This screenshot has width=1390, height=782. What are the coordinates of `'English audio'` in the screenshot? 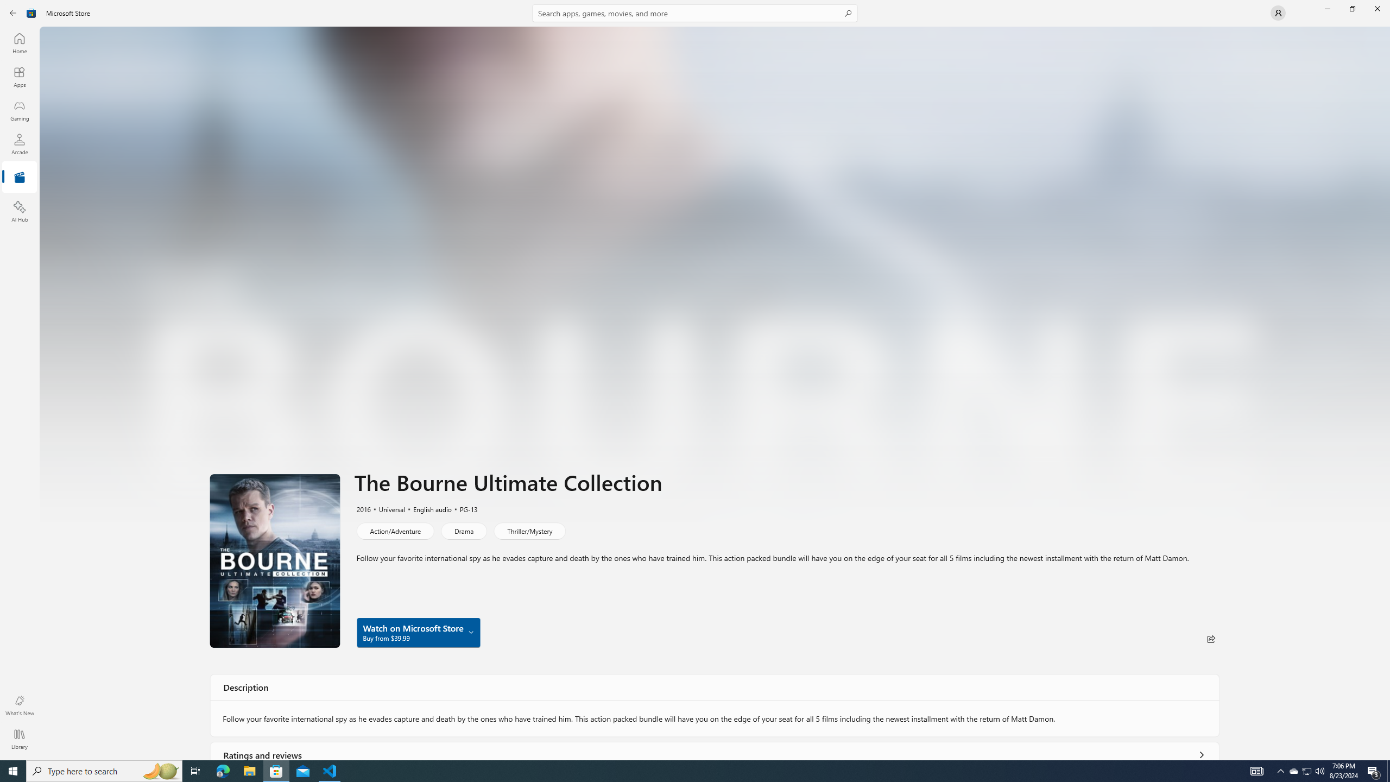 It's located at (427, 509).